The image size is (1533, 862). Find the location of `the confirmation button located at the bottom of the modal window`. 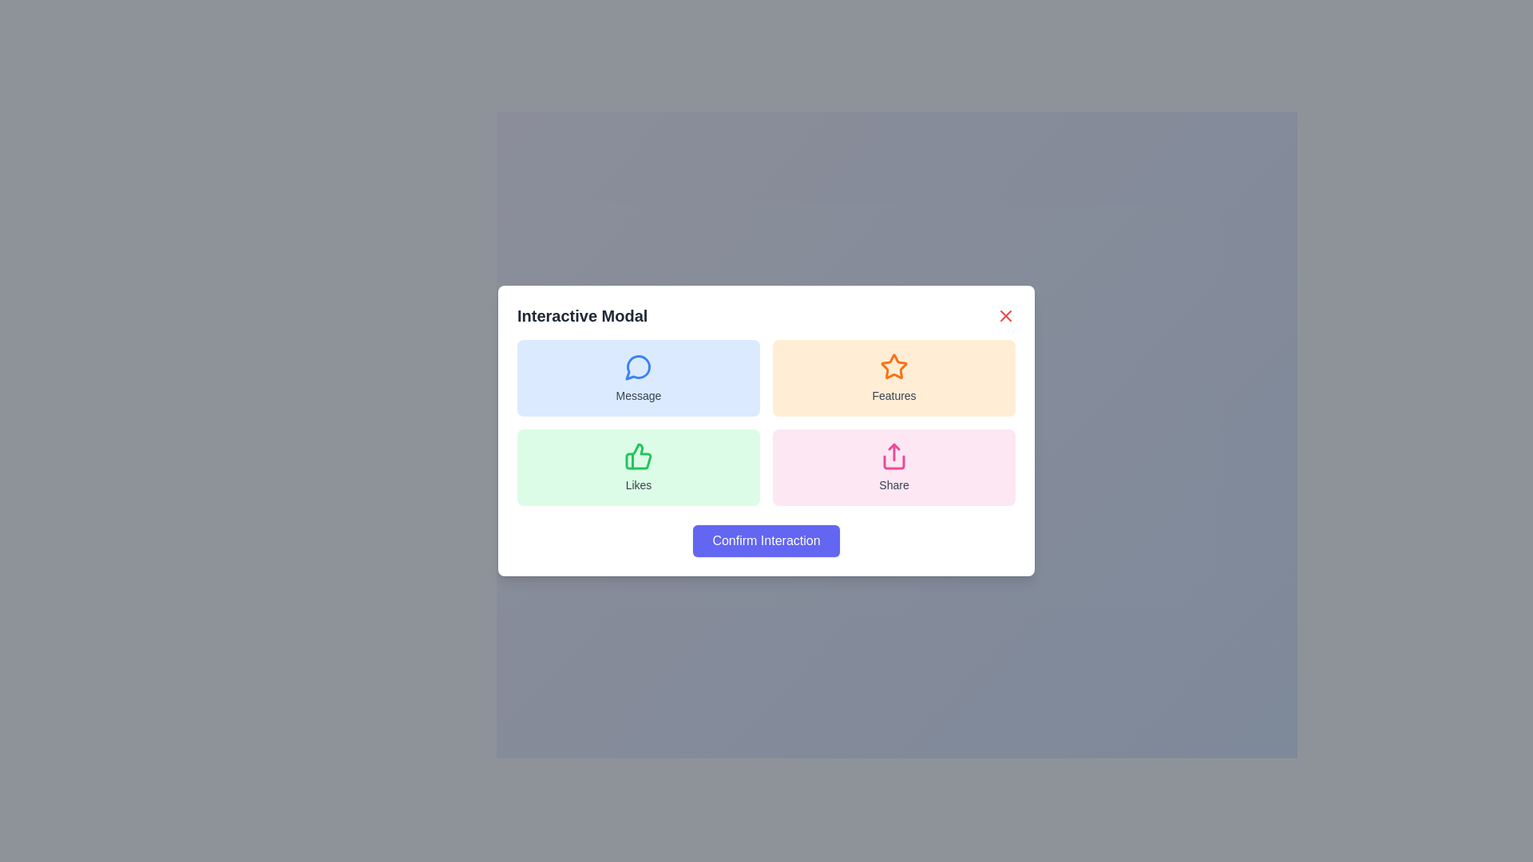

the confirmation button located at the bottom of the modal window is located at coordinates (766, 540).